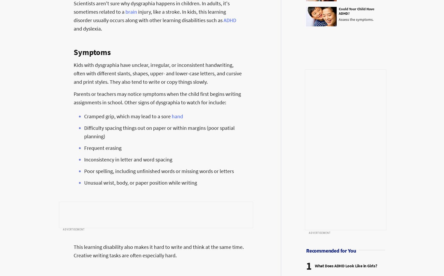 This screenshot has width=444, height=276. What do you see at coordinates (84, 171) in the screenshot?
I see `'Poor spelling, including unfinished words or missing words or letters'` at bounding box center [84, 171].